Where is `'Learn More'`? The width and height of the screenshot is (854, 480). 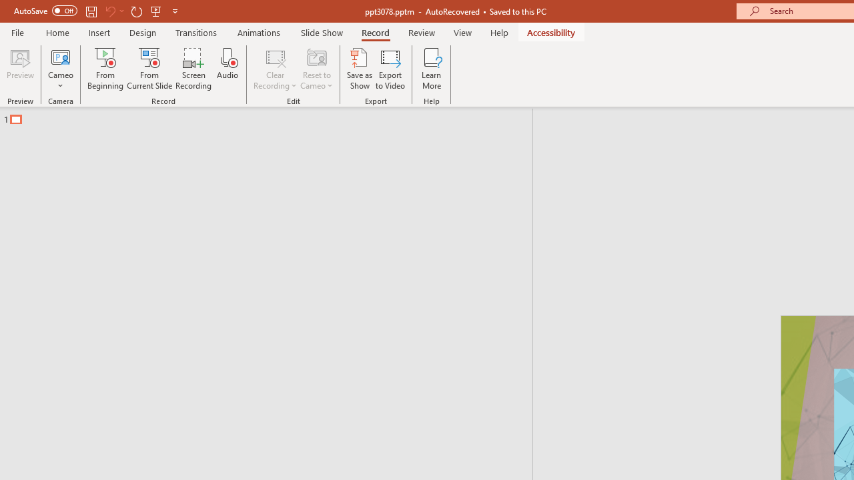
'Learn More' is located at coordinates (432, 69).